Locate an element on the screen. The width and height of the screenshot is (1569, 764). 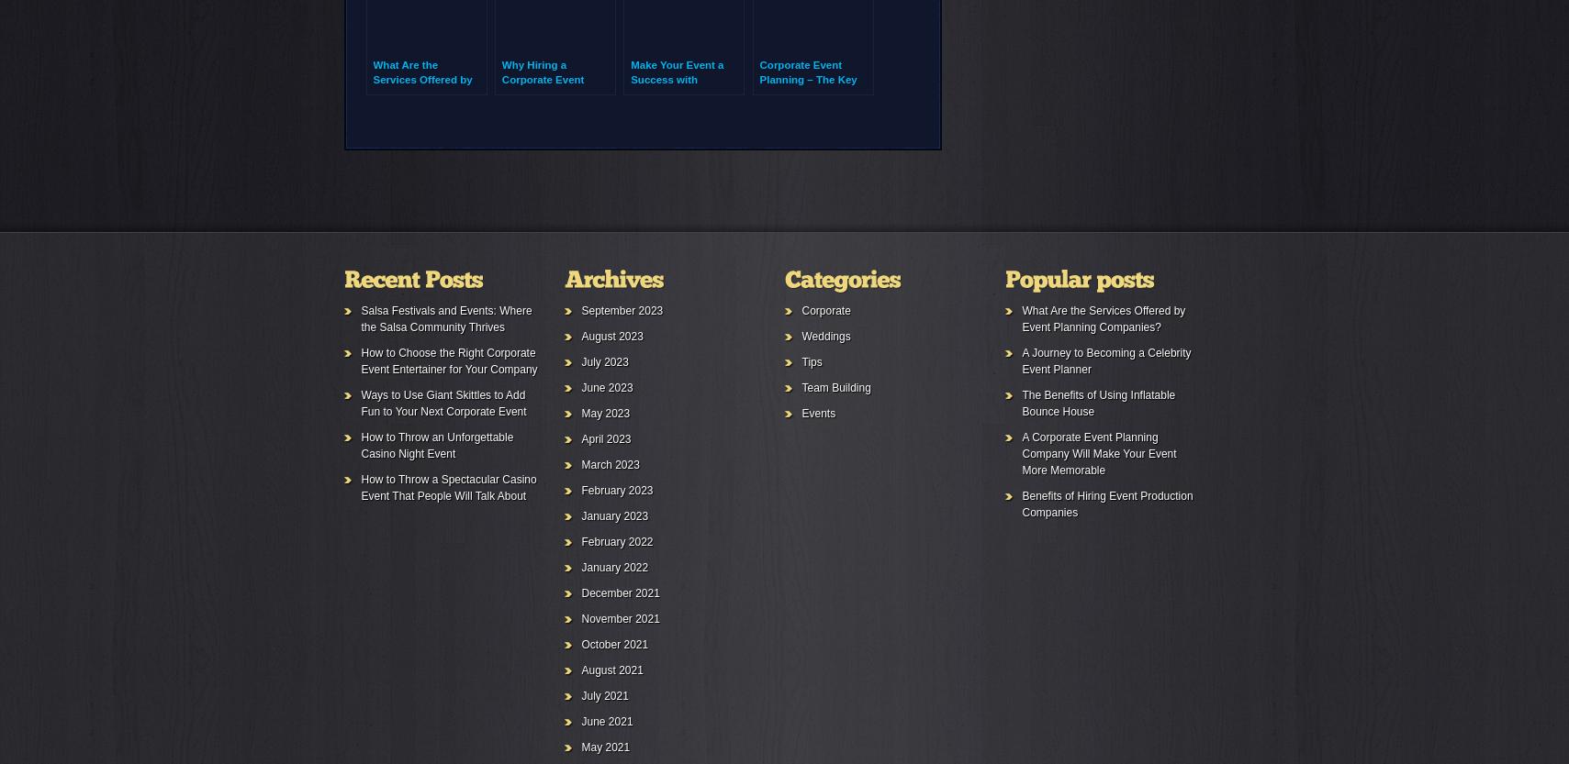
'March 2023' is located at coordinates (609, 464).